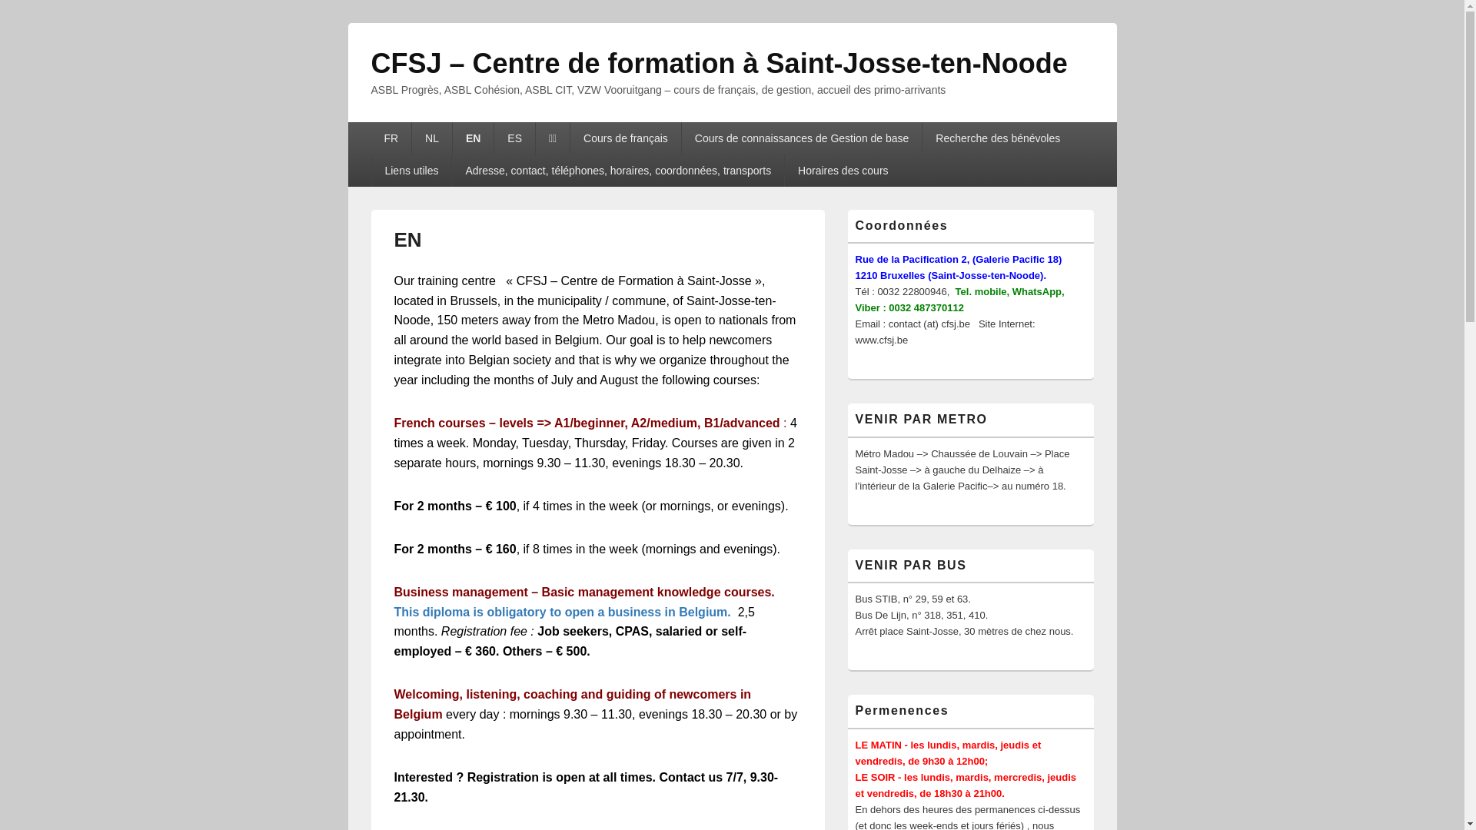 The height and width of the screenshot is (830, 1476). What do you see at coordinates (785, 171) in the screenshot?
I see `'Horaires des cours'` at bounding box center [785, 171].